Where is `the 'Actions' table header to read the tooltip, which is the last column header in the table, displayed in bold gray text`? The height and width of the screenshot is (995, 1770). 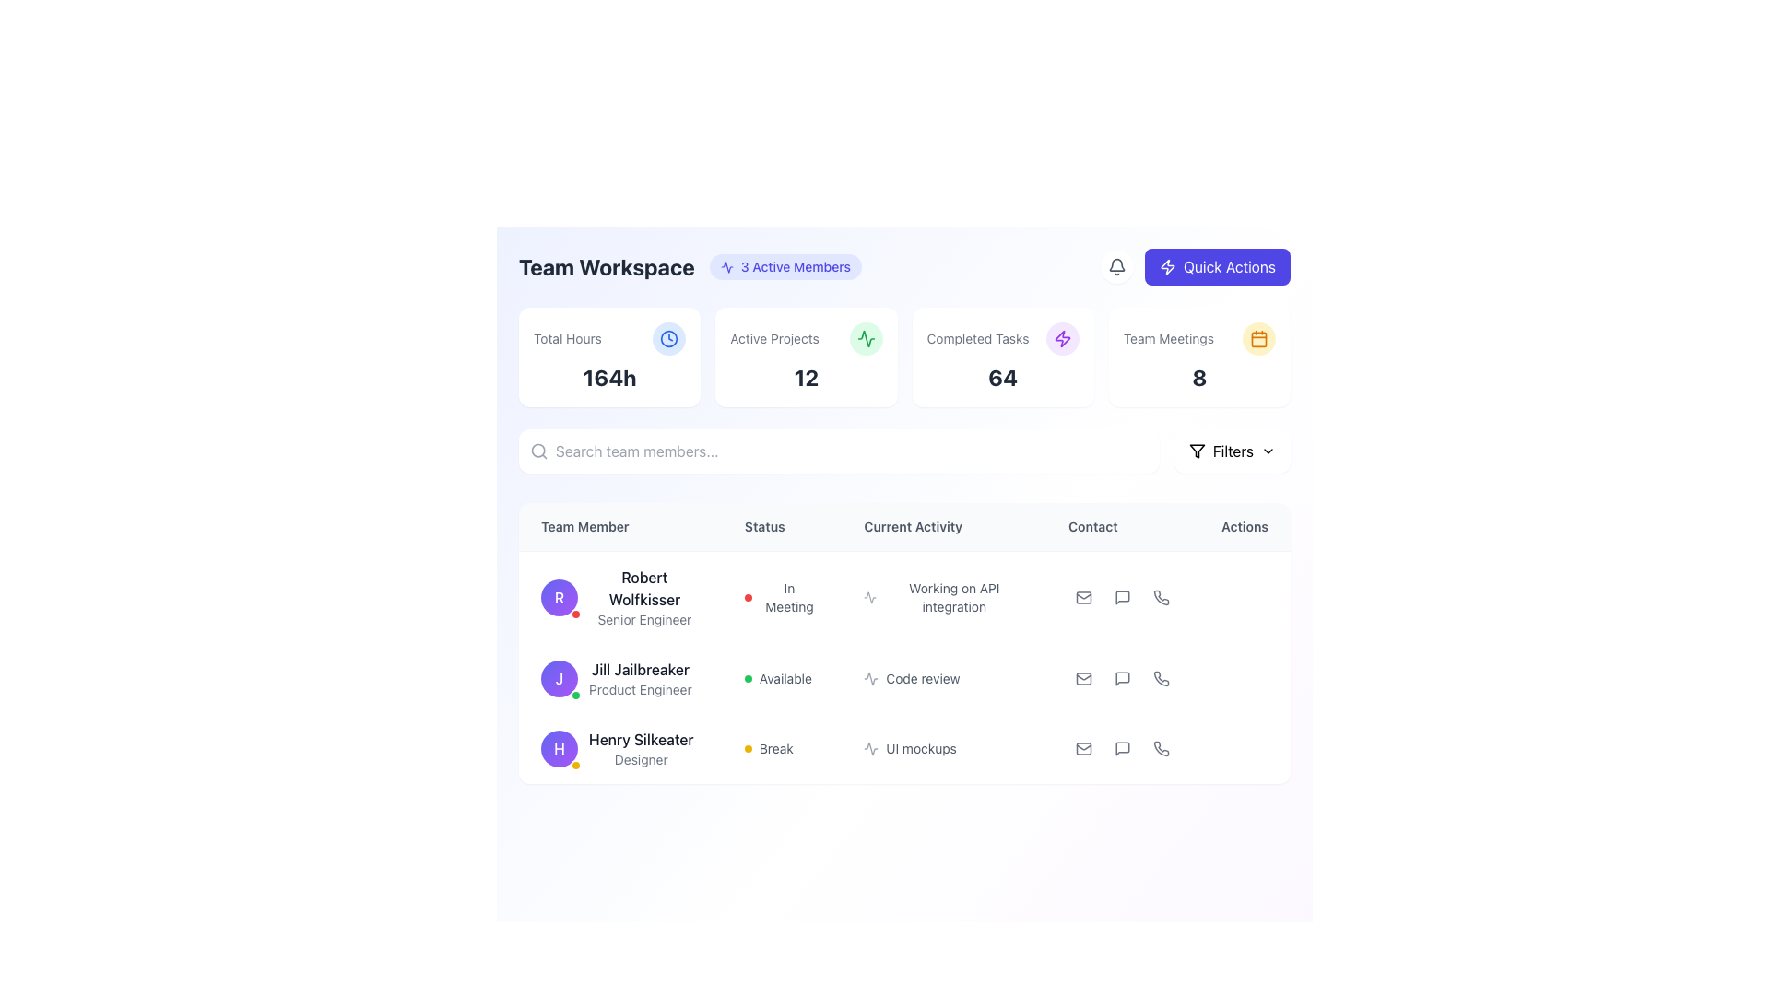 the 'Actions' table header to read the tooltip, which is the last column header in the table, displayed in bold gray text is located at coordinates (1245, 527).